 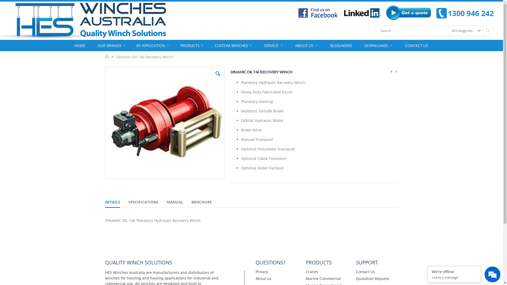 What do you see at coordinates (436, 13) in the screenshot?
I see `'1300 946 242'` at bounding box center [436, 13].